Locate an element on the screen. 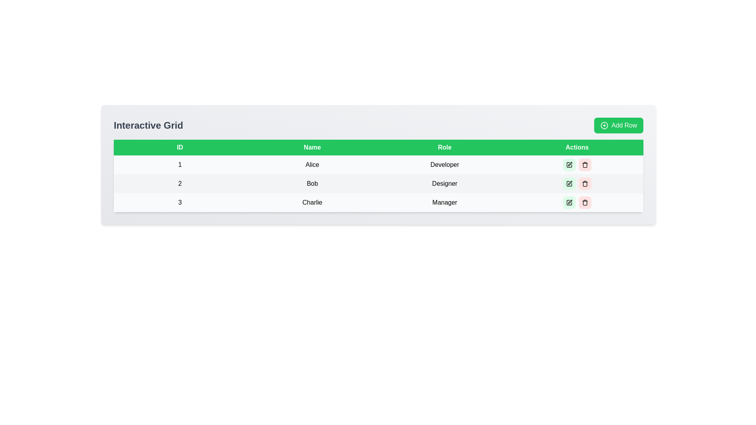 The height and width of the screenshot is (425, 756). the decorative icon of the 'Add Row' button located at the top-right corner of the interface, which visually indicates the purpose of adding new rows to the grid is located at coordinates (604, 125).